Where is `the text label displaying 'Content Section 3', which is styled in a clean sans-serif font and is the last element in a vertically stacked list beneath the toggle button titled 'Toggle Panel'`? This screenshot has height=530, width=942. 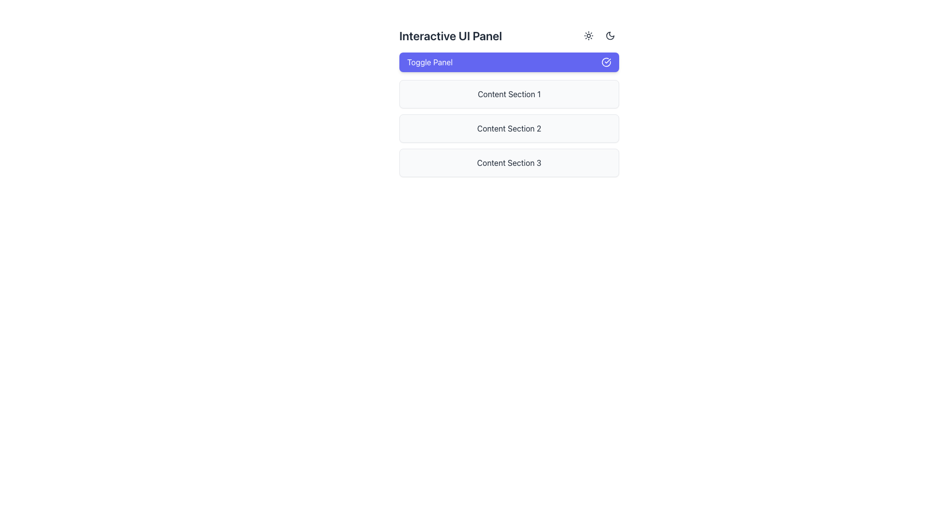 the text label displaying 'Content Section 3', which is styled in a clean sans-serif font and is the last element in a vertically stacked list beneath the toggle button titled 'Toggle Panel' is located at coordinates (509, 162).